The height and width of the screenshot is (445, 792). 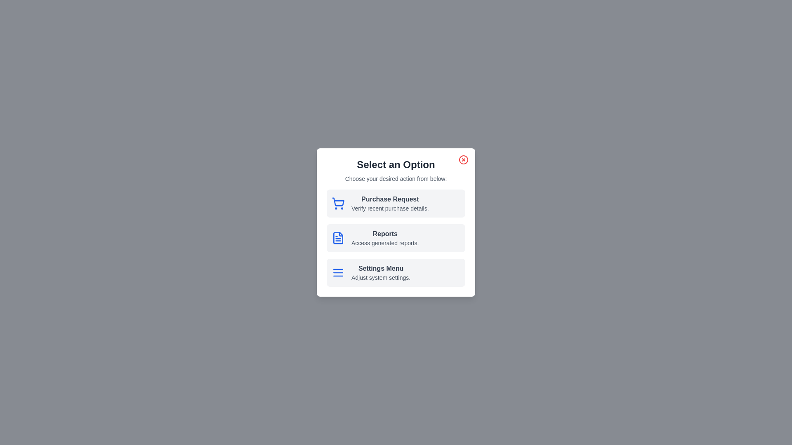 I want to click on the option Reports to reveal additional styles or information, so click(x=396, y=238).